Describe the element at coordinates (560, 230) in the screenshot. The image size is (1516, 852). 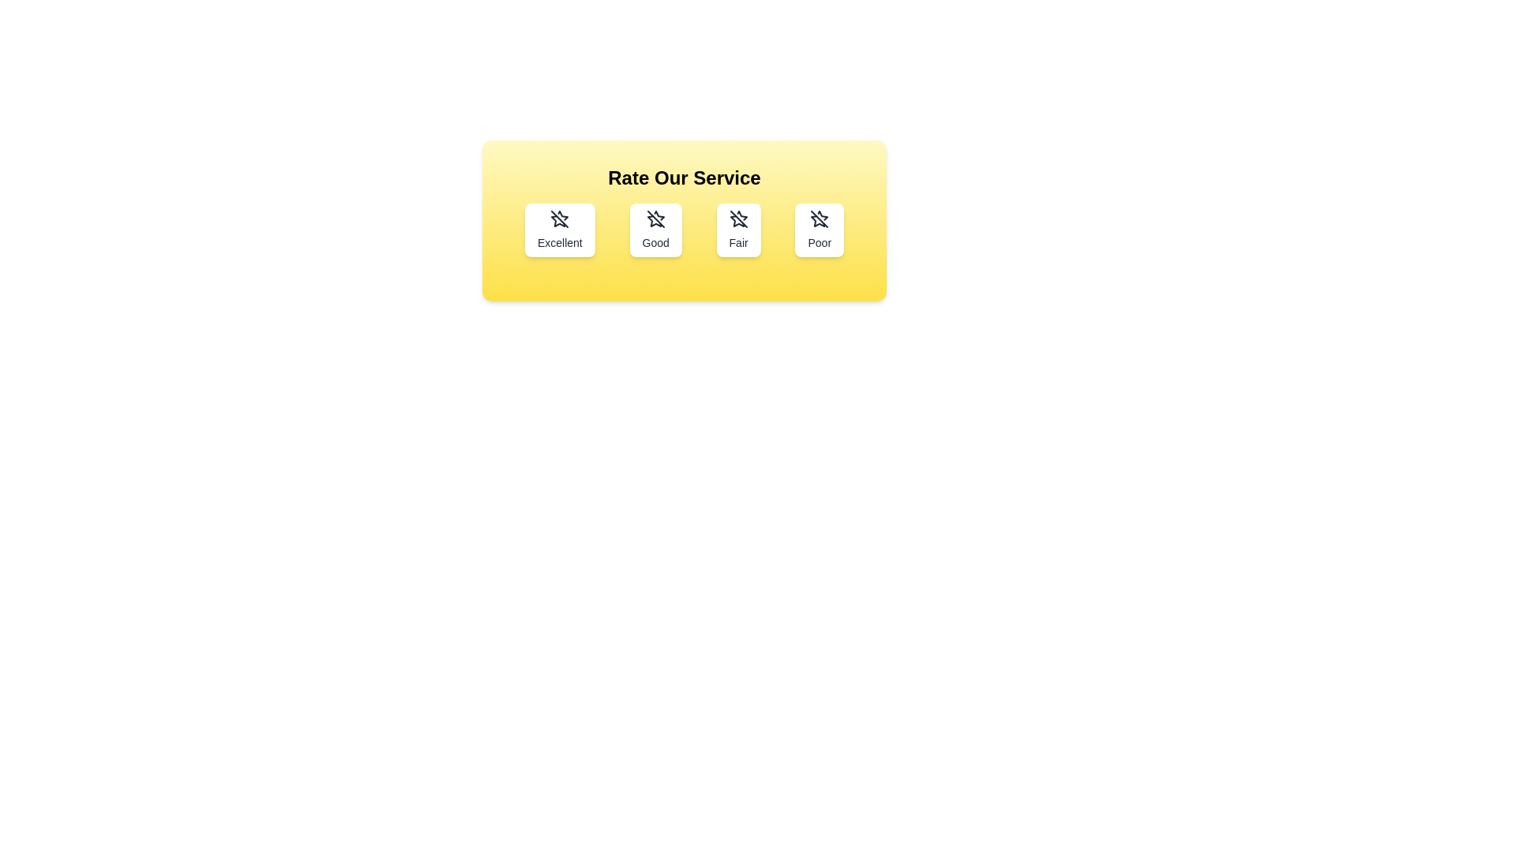
I see `the rating button labeled Excellent to select it` at that location.